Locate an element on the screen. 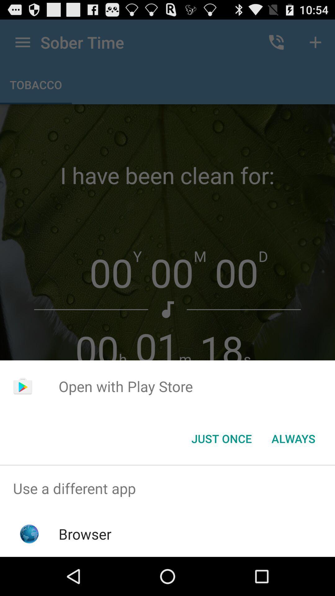  the use a different icon is located at coordinates (167, 488).